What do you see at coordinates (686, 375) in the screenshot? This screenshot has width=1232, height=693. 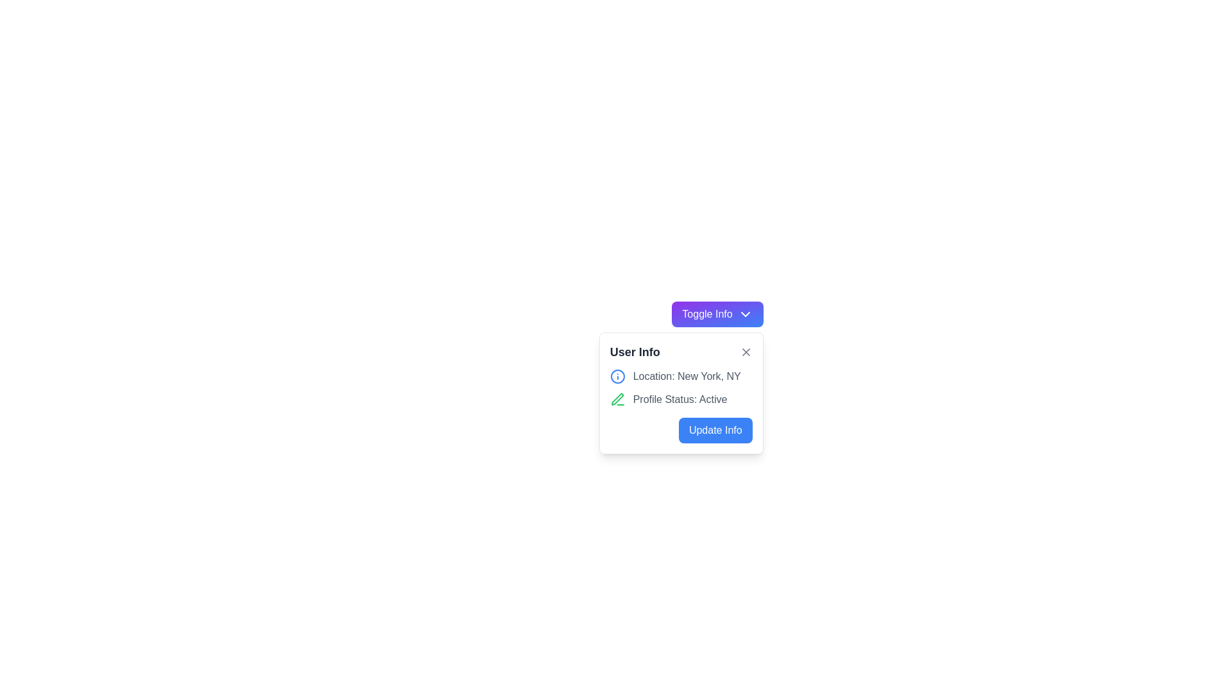 I see `the Display Text element that contains the text 'Location: New York, NY', which is styled in gray and positioned within the 'User Info' card, below the icon and above 'Profile Status: Active'` at bounding box center [686, 375].